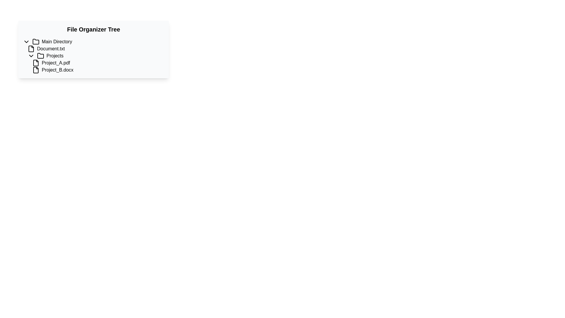 This screenshot has height=318, width=565. Describe the element at coordinates (26, 42) in the screenshot. I see `the Chevron Icon located to the left of the 'Main Directory' text to indicate focus` at that location.